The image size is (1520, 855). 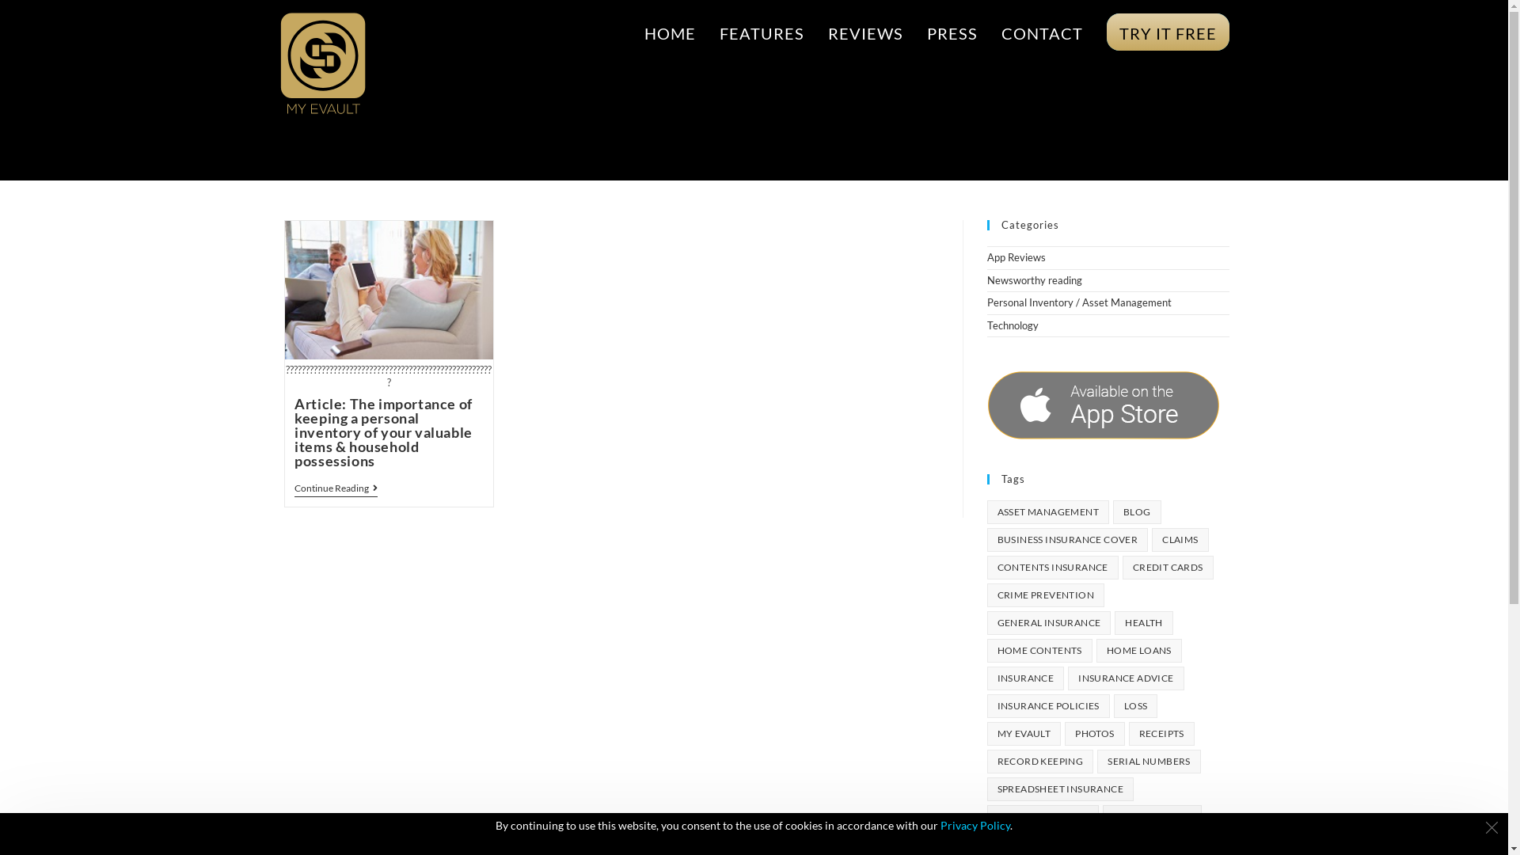 What do you see at coordinates (986, 512) in the screenshot?
I see `'ASSET MANAGEMENT'` at bounding box center [986, 512].